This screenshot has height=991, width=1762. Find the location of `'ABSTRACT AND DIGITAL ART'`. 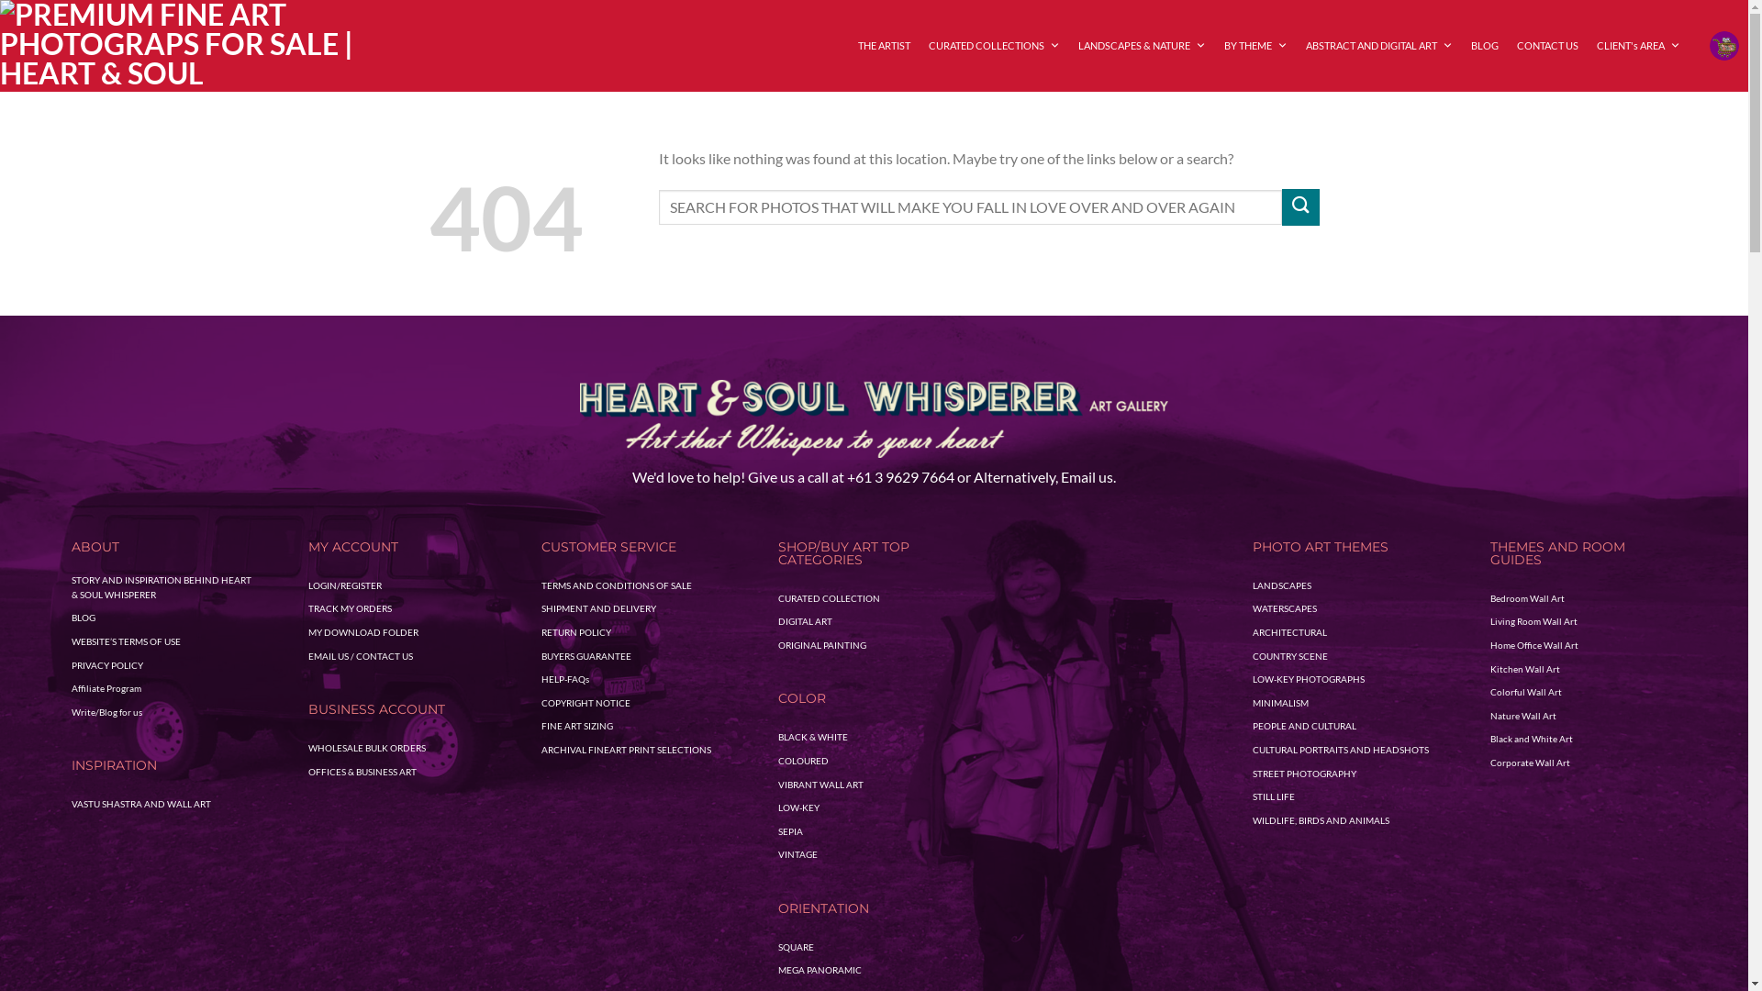

'ABSTRACT AND DIGITAL ART' is located at coordinates (1378, 45).